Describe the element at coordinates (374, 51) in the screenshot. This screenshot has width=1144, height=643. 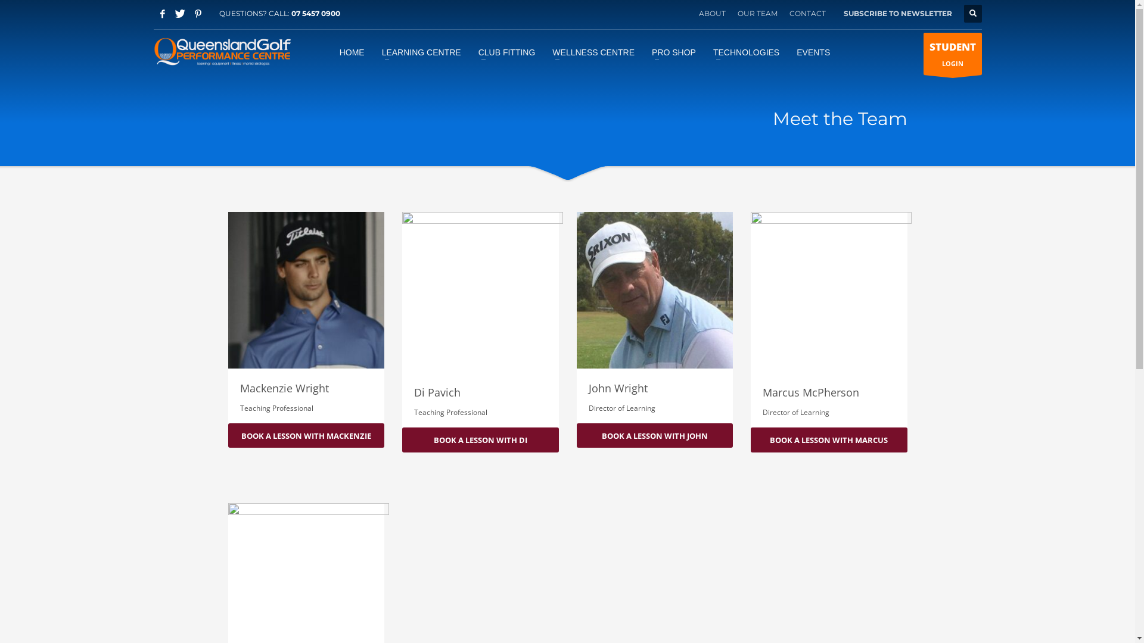
I see `'LEARNING CENTRE'` at that location.